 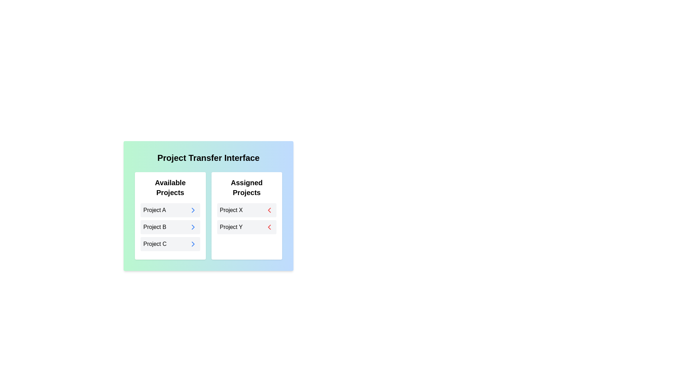 I want to click on the chevron icon that is located to the right of the 'Project C' label in the 'Available Projects' section, which is the third item in a vertical list, so click(x=193, y=243).